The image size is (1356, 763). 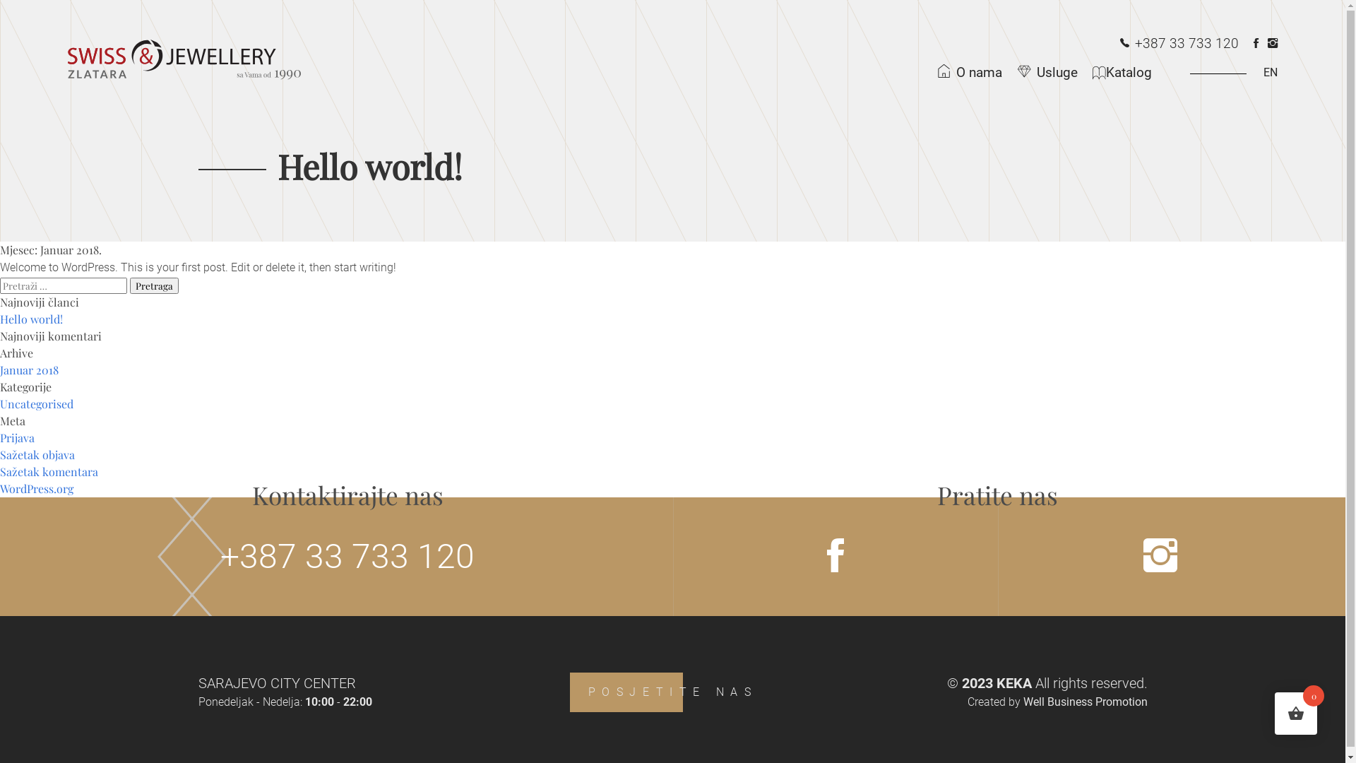 What do you see at coordinates (1179, 42) in the screenshot?
I see `'+387 33 733 120'` at bounding box center [1179, 42].